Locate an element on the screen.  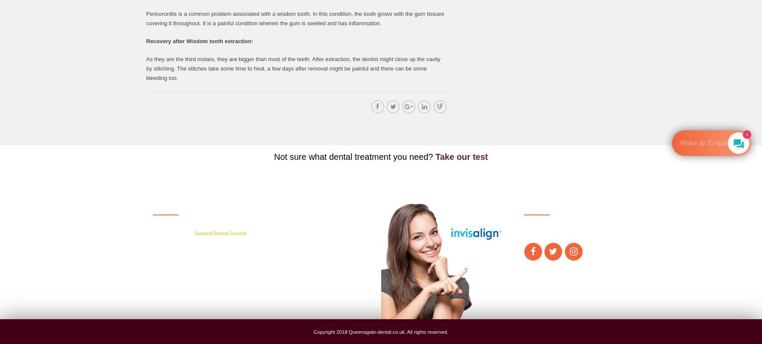
'1' is located at coordinates (746, 134).